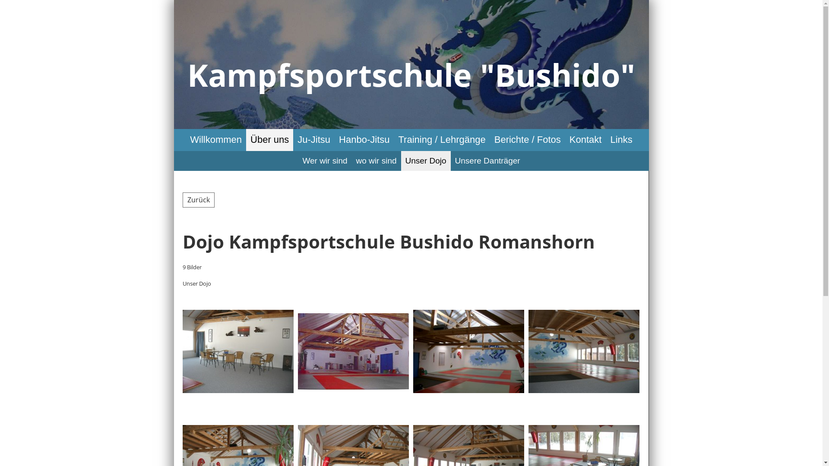 This screenshot has height=466, width=829. Describe the element at coordinates (605, 139) in the screenshot. I see `'Links'` at that location.